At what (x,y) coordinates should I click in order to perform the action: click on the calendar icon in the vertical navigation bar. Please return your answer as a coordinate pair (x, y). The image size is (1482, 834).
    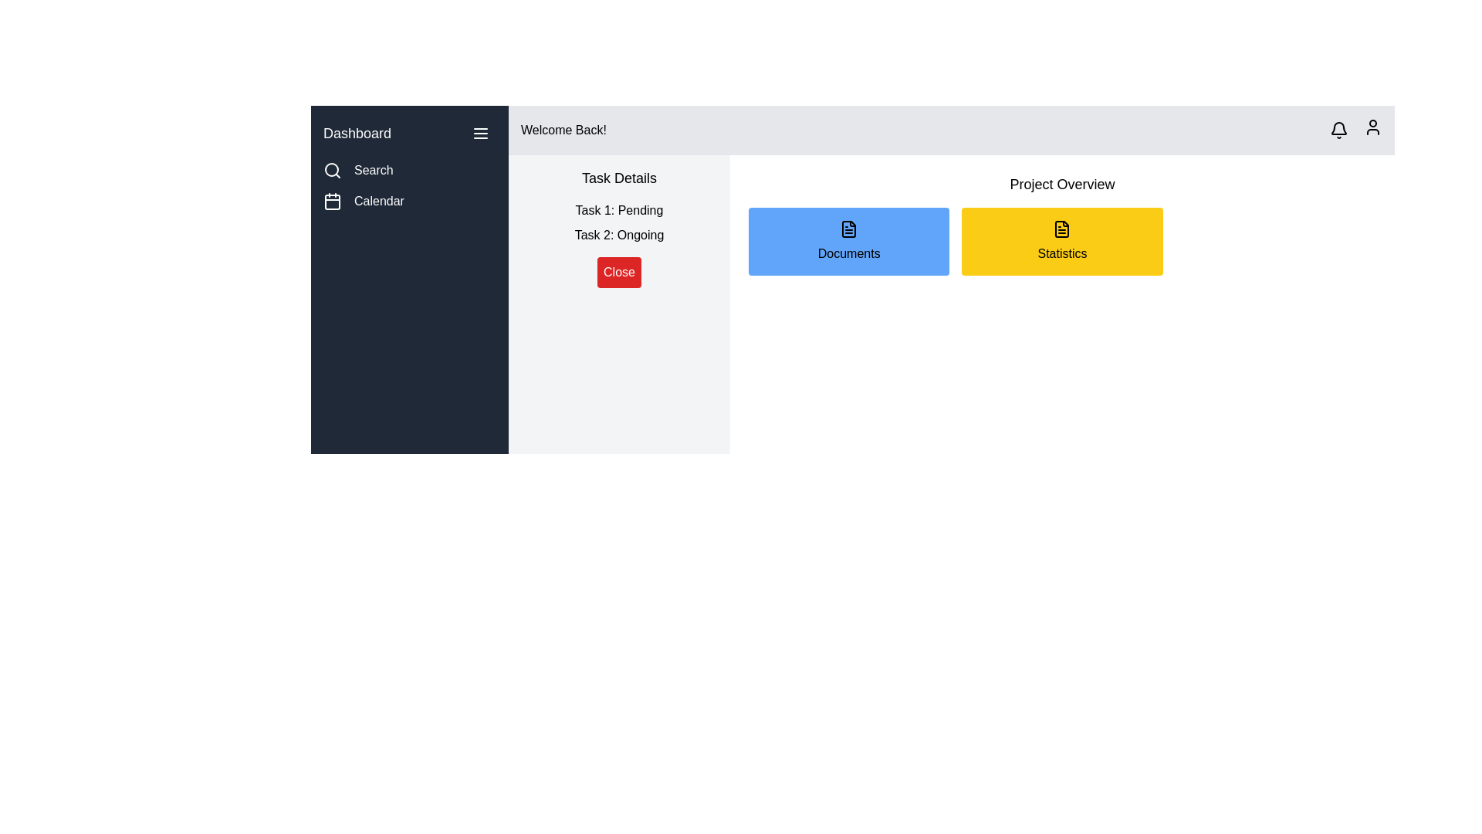
    Looking at the image, I should click on (332, 201).